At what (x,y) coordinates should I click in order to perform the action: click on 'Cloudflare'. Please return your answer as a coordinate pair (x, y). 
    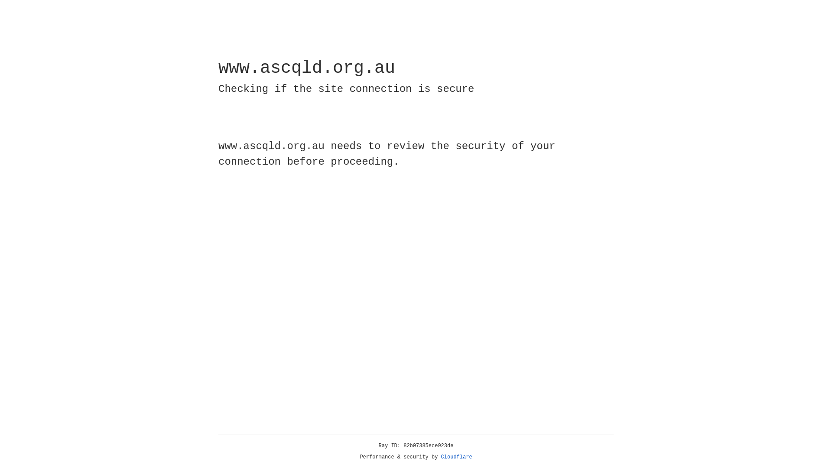
    Looking at the image, I should click on (456, 457).